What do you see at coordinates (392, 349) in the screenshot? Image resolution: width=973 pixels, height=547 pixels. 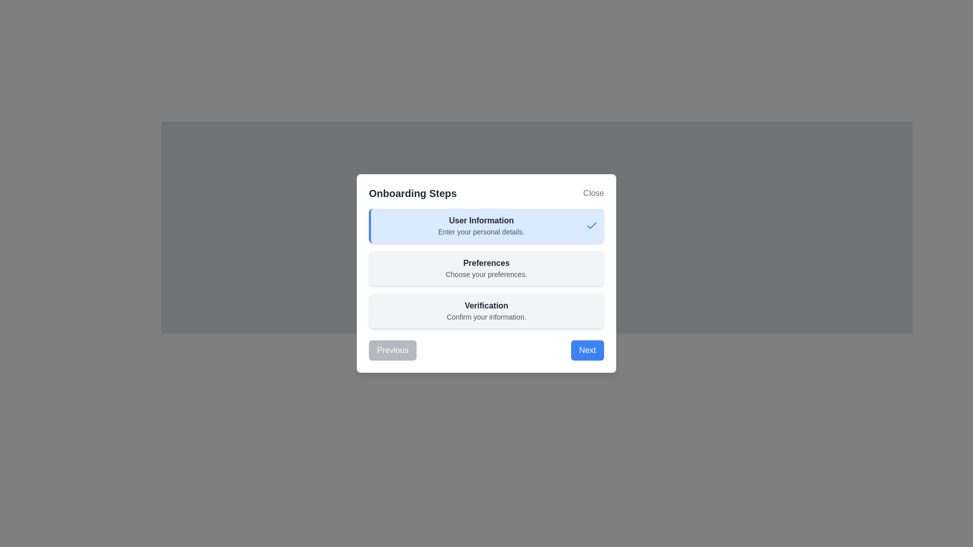 I see `the 'Previous' button located at the bottom left of the modal dialog` at bounding box center [392, 349].